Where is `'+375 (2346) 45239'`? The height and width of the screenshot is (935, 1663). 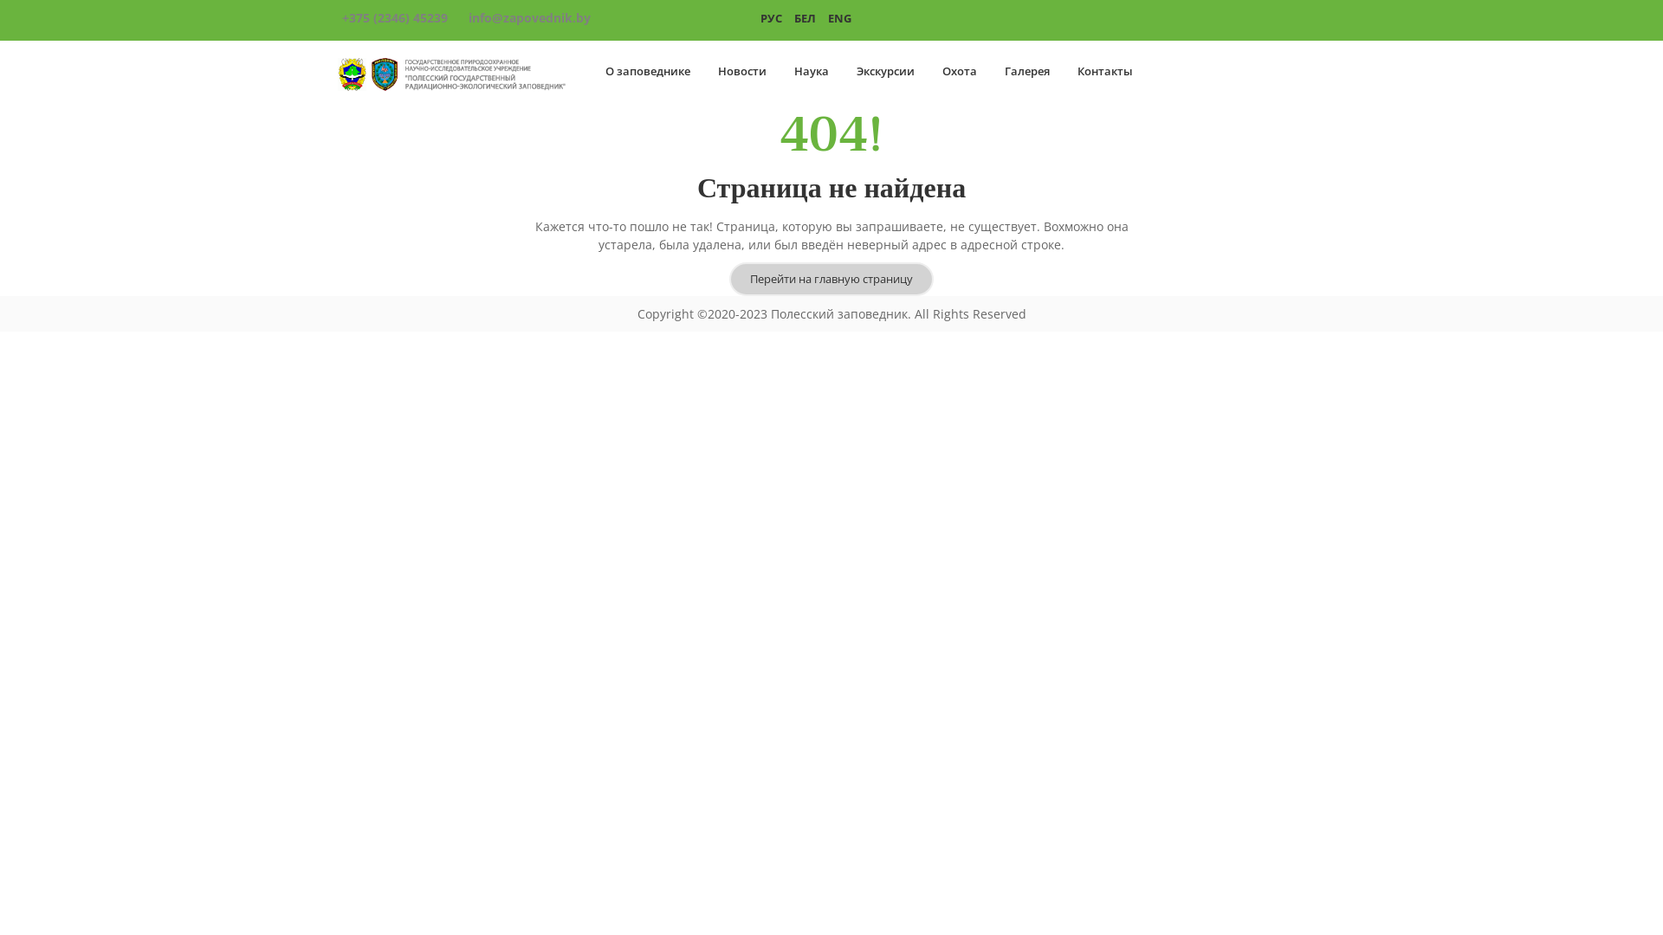 '+375 (2346) 45239' is located at coordinates (394, 17).